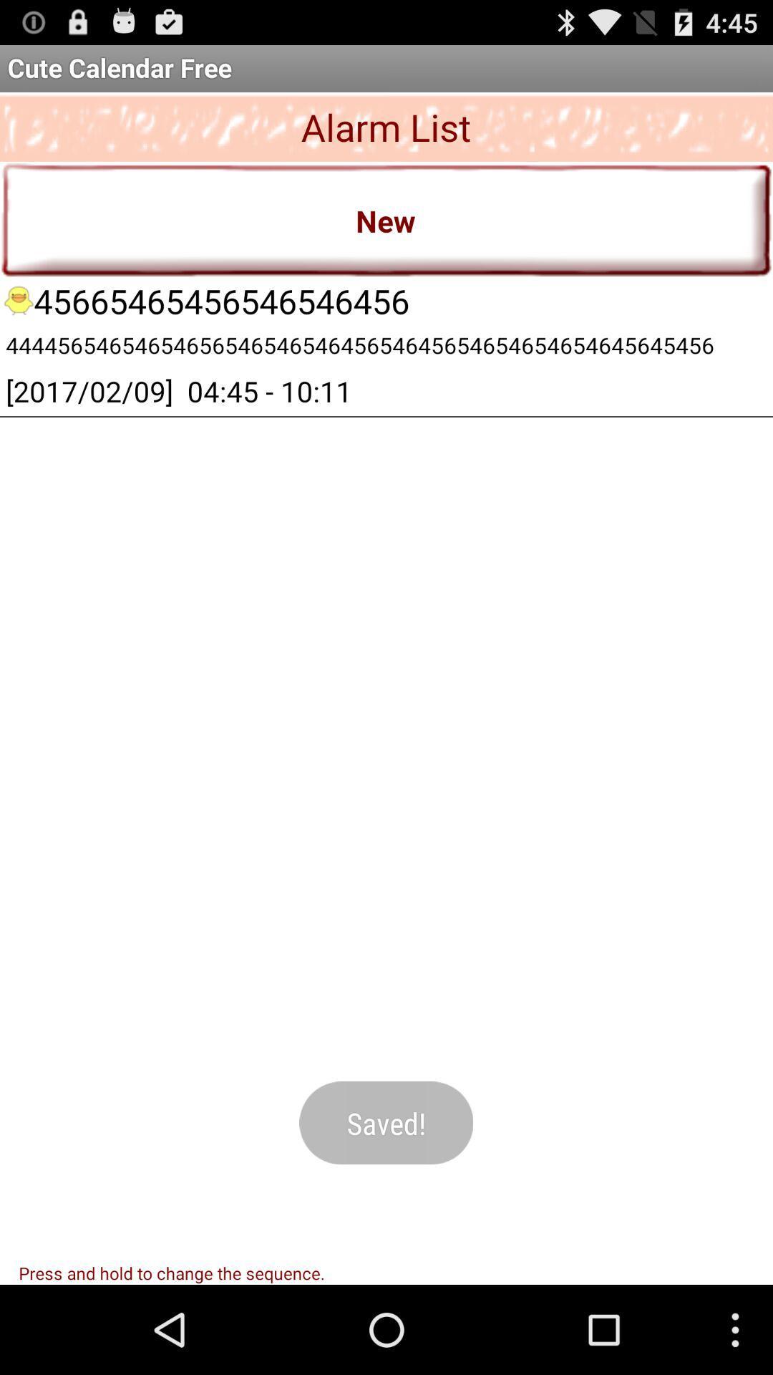 The image size is (773, 1375). What do you see at coordinates (386, 219) in the screenshot?
I see `the icon above the 45665465456546546456 icon` at bounding box center [386, 219].